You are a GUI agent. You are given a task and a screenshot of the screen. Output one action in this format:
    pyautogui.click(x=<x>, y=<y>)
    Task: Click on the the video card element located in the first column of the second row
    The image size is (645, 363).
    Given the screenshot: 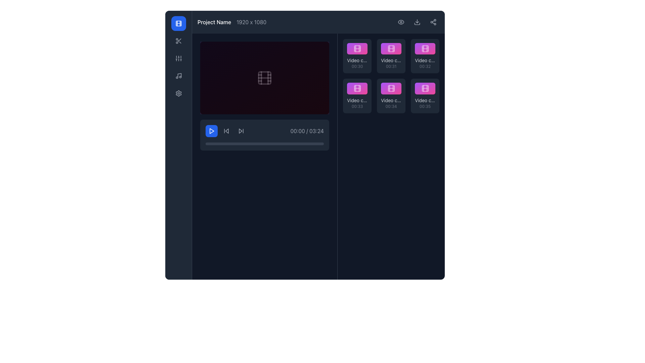 What is the action you would take?
    pyautogui.click(x=357, y=96)
    